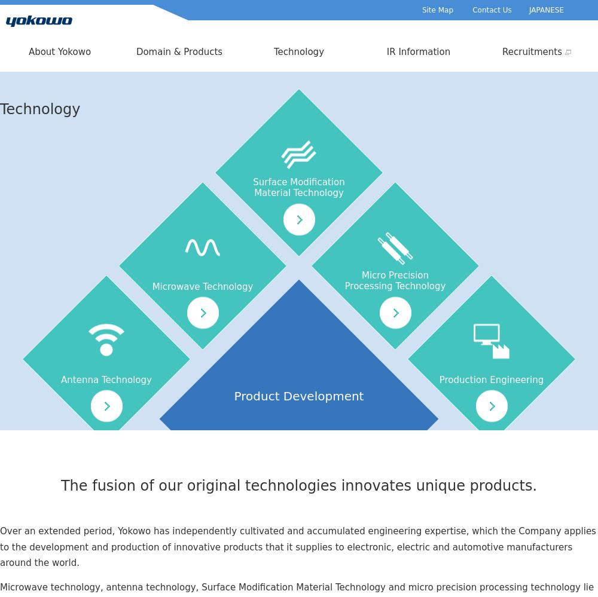  Describe the element at coordinates (298, 395) in the screenshot. I see `'Product Development'` at that location.